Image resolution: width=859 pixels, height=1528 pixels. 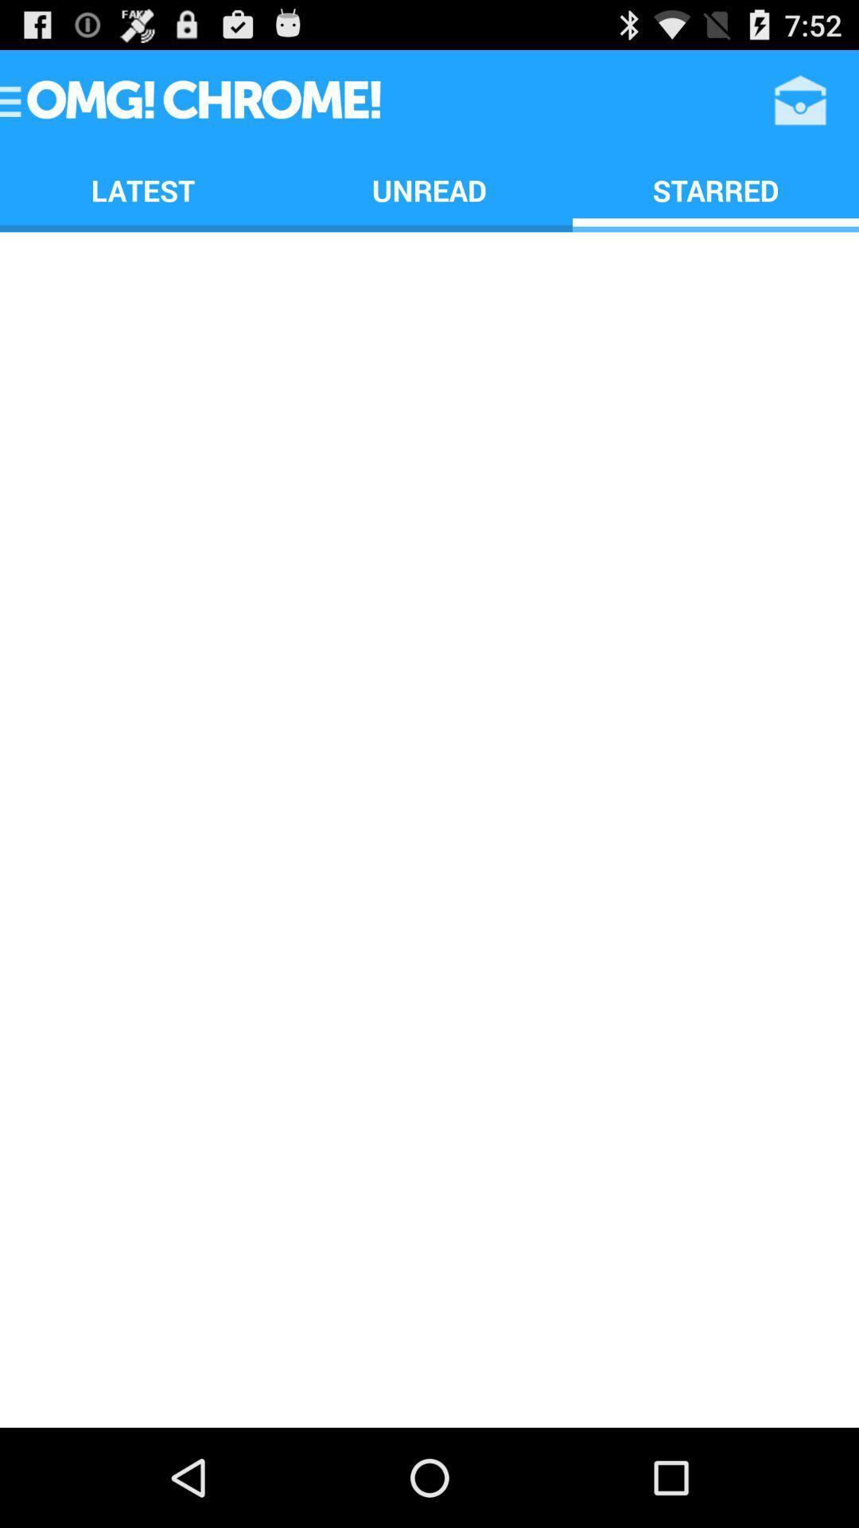 I want to click on item to the right of unread, so click(x=800, y=99).